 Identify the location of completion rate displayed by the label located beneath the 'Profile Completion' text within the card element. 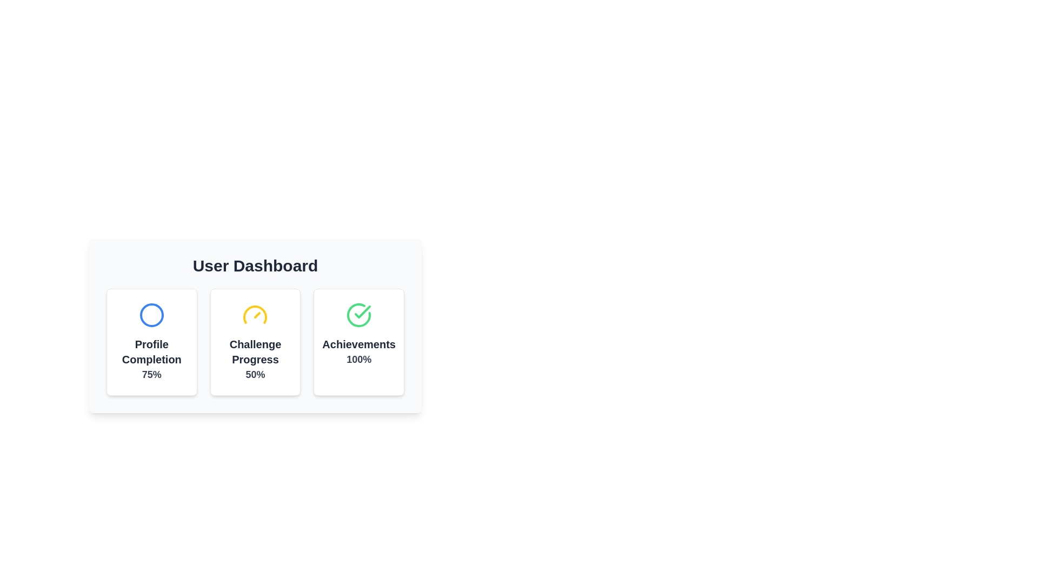
(151, 374).